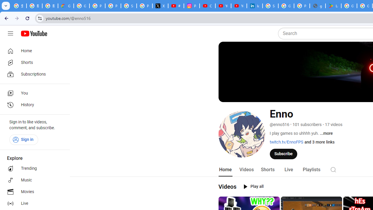  Describe the element at coordinates (333, 6) in the screenshot. I see `'Last Shelter: Survival - Apps on Google Play'` at that location.